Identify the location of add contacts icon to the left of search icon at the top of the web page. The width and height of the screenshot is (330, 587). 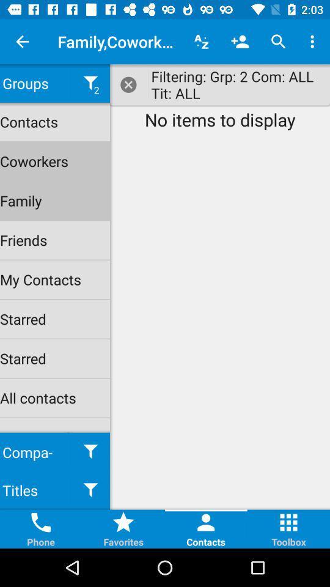
(240, 42).